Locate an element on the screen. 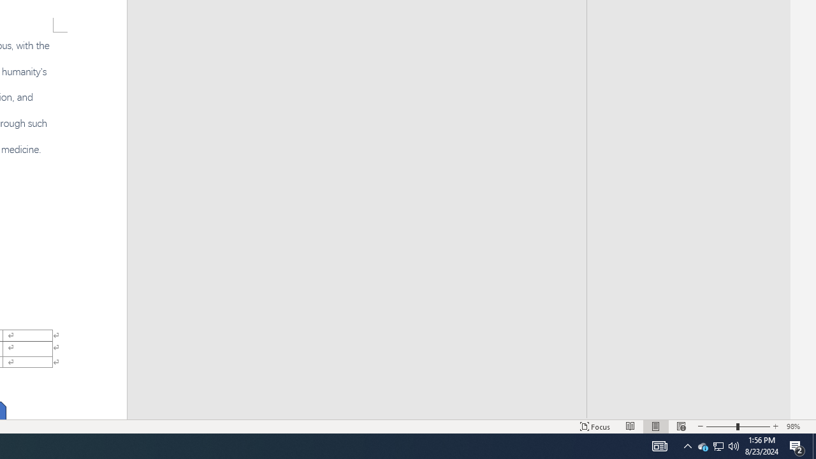  'Zoom' is located at coordinates (738, 426).